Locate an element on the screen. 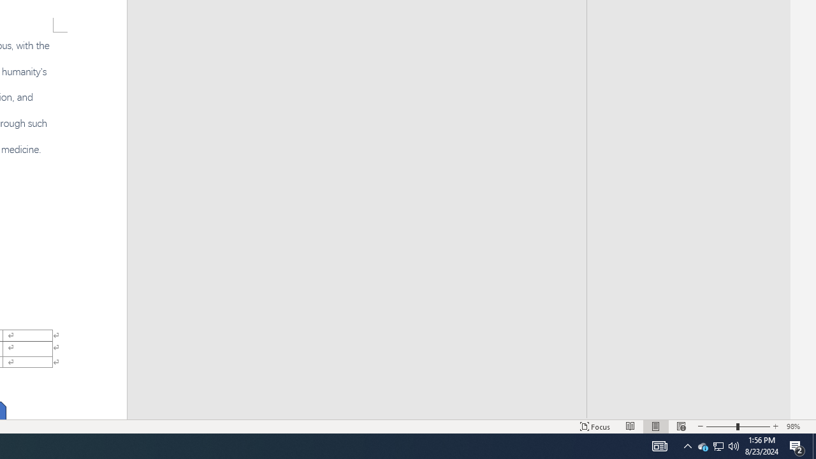  'Zoom' is located at coordinates (738, 426).